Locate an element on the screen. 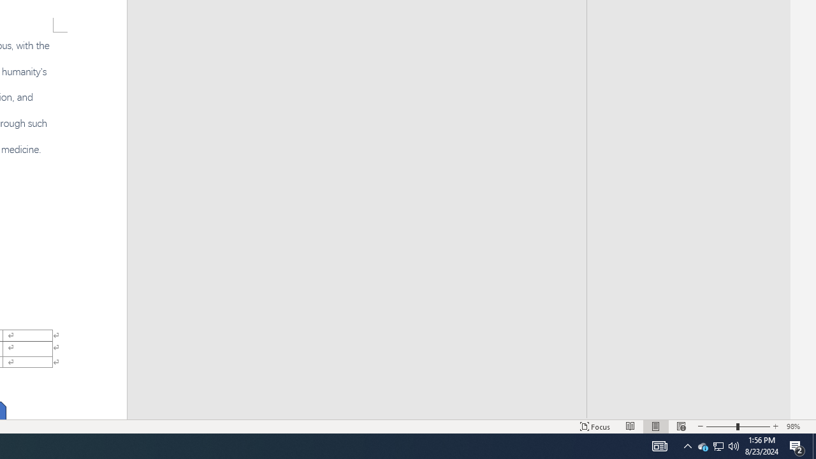  'Zoom' is located at coordinates (738, 426).